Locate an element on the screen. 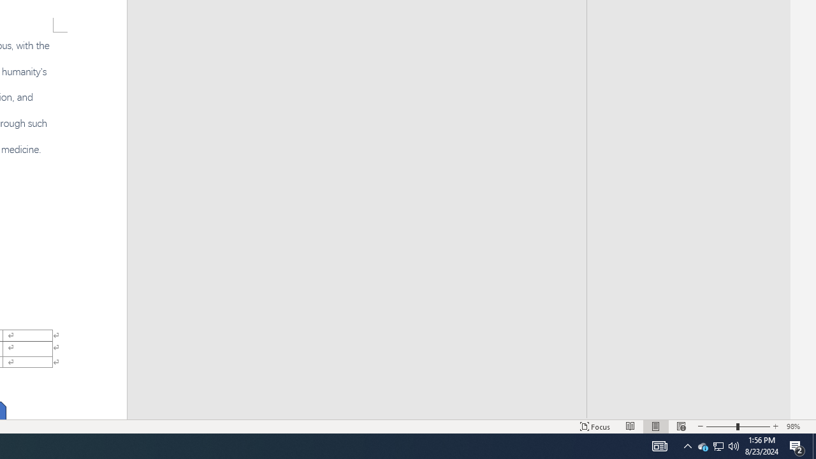  'Zoom' is located at coordinates (738, 426).